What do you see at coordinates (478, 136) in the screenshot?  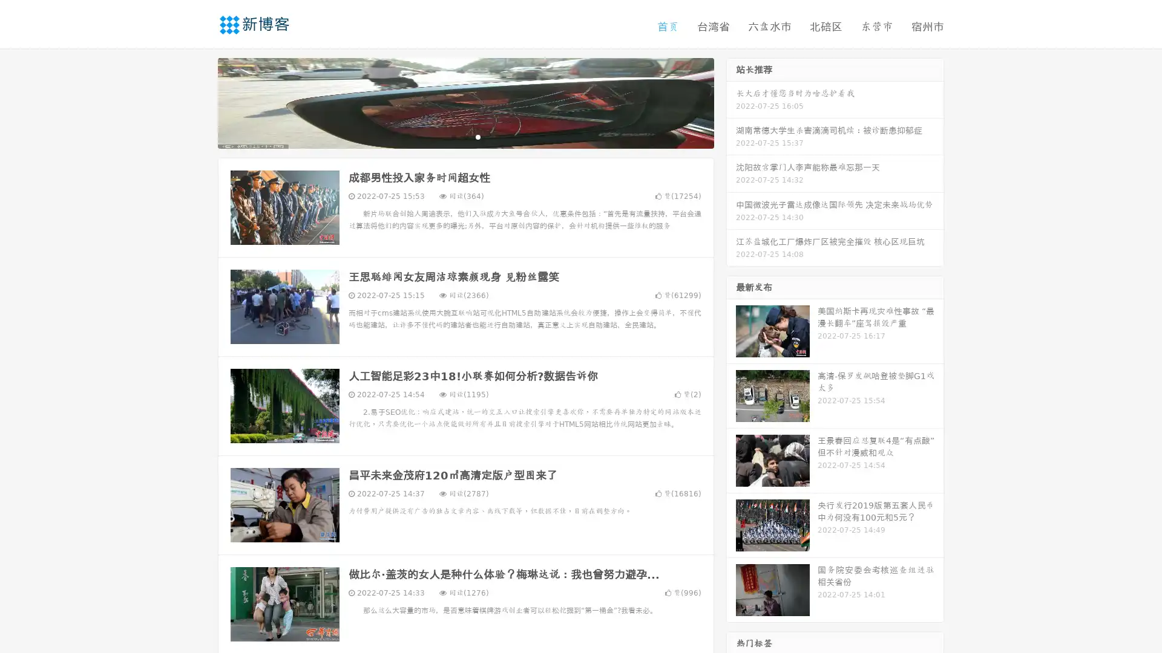 I see `Go to slide 3` at bounding box center [478, 136].